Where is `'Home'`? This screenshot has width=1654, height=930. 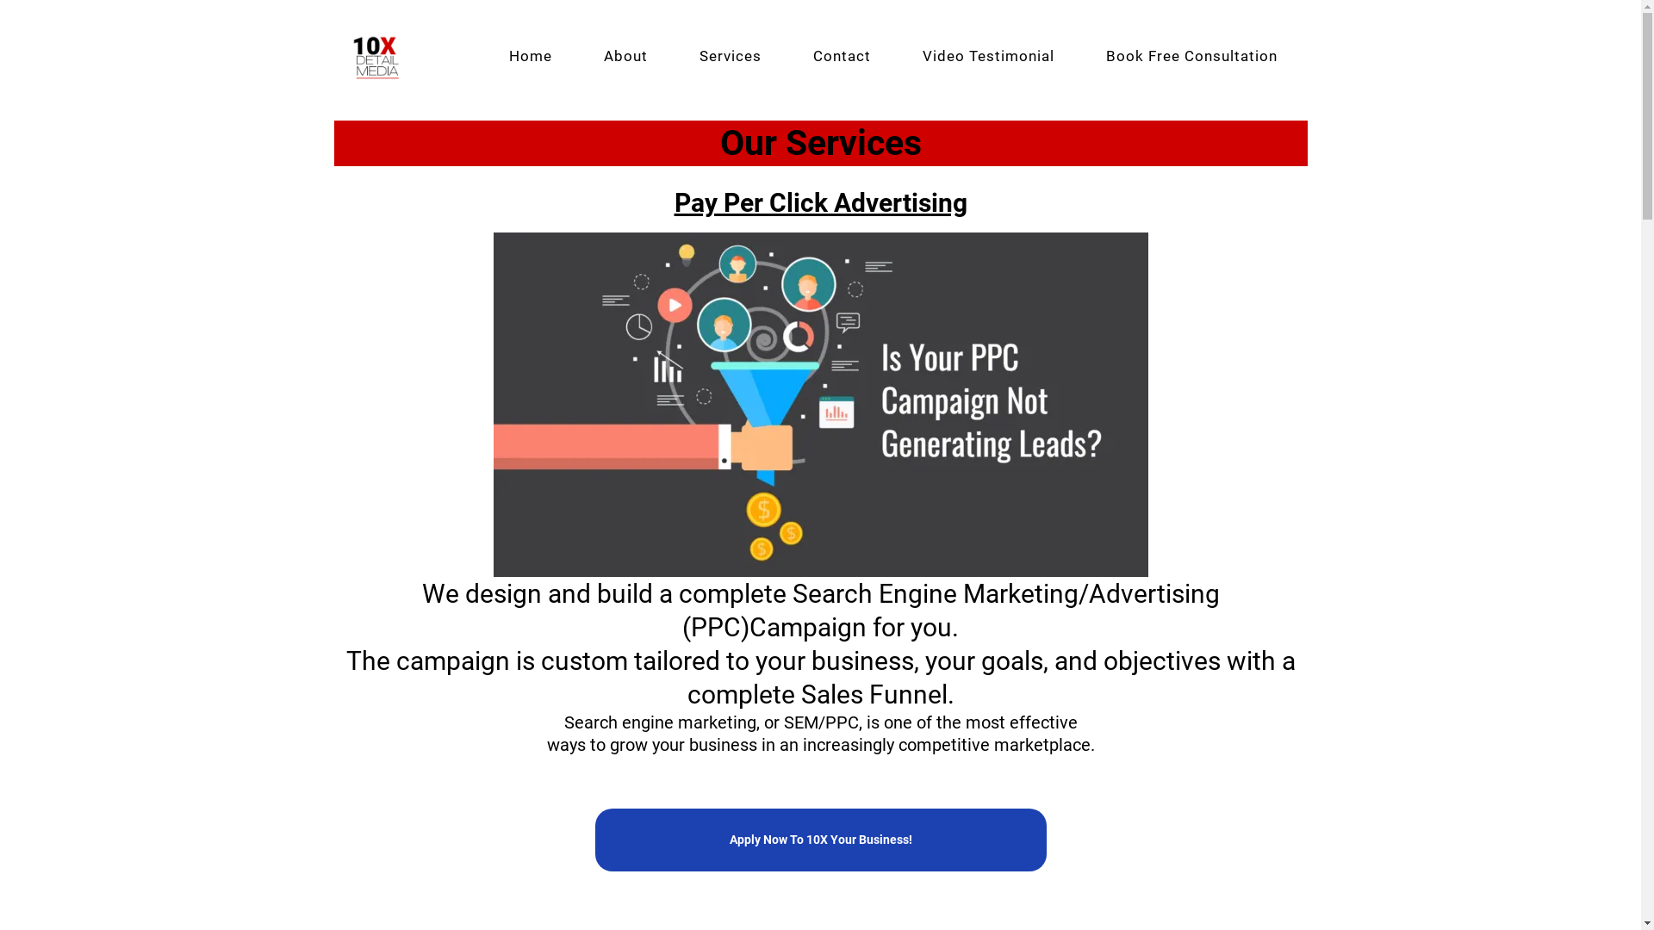
'Home' is located at coordinates (528, 55).